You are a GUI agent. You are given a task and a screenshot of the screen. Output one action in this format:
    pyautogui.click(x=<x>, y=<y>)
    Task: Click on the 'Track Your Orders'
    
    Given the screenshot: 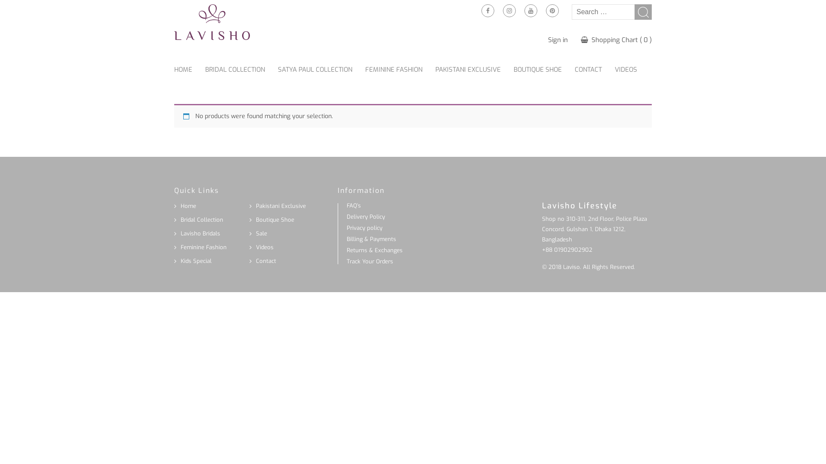 What is the action you would take?
    pyautogui.click(x=370, y=261)
    